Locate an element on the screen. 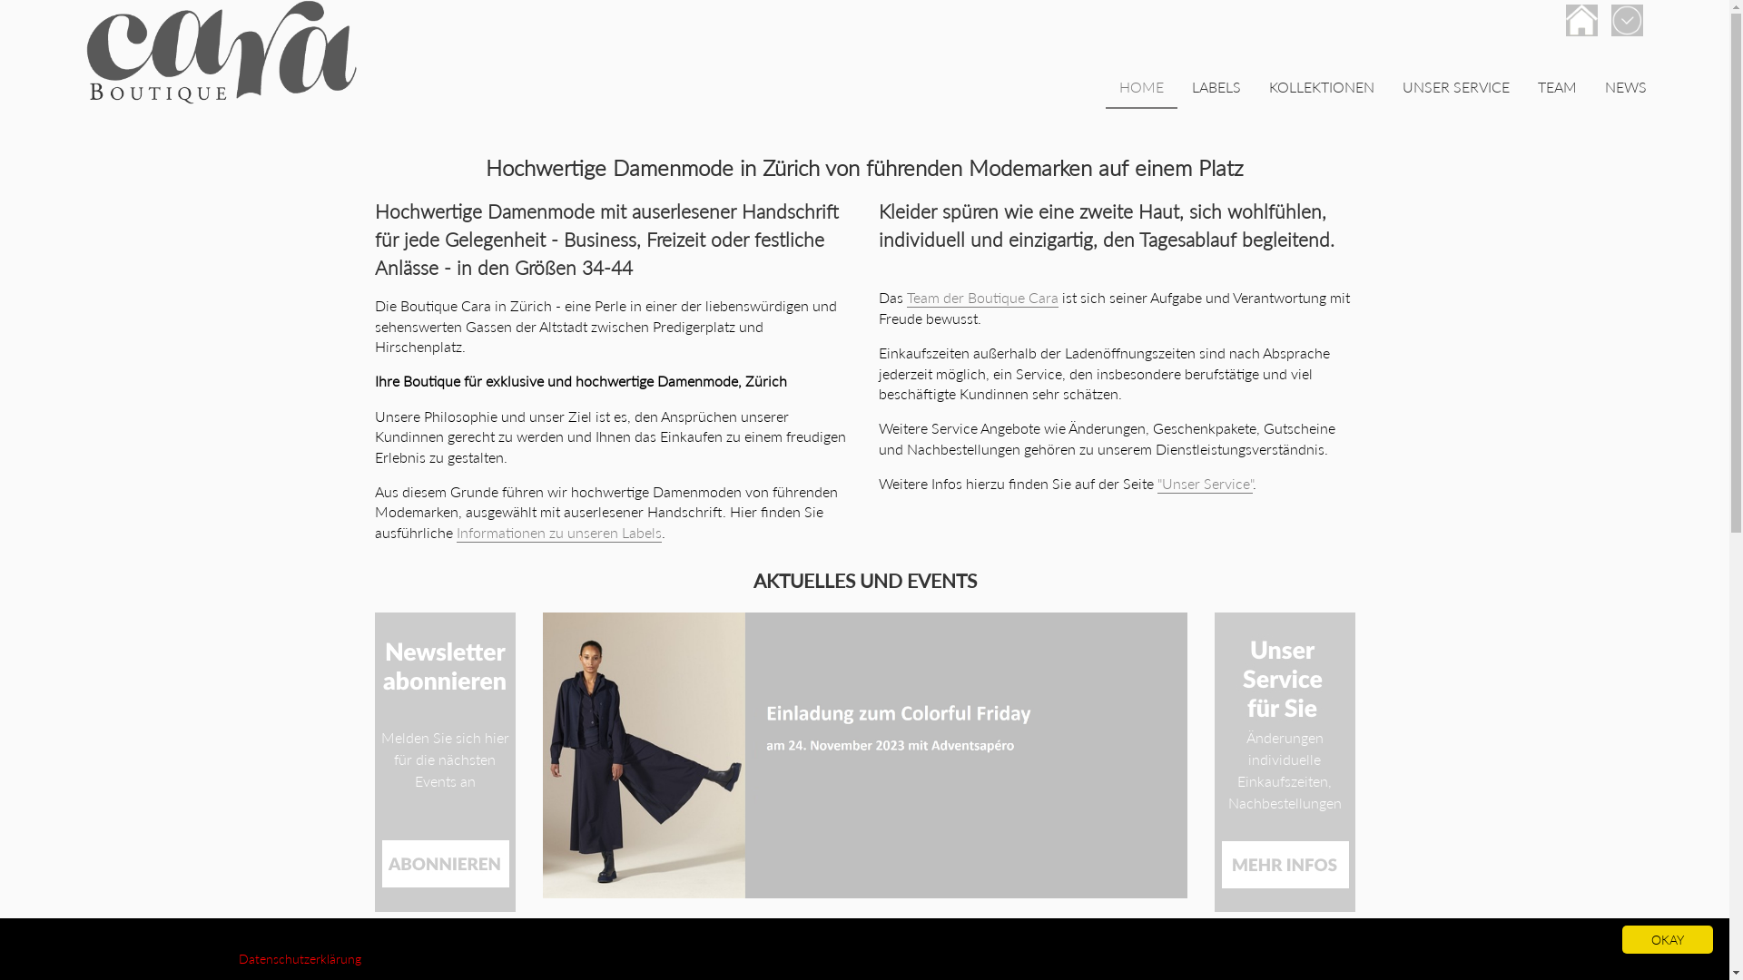  'KOLLEKTIONEN' is located at coordinates (1321, 88).